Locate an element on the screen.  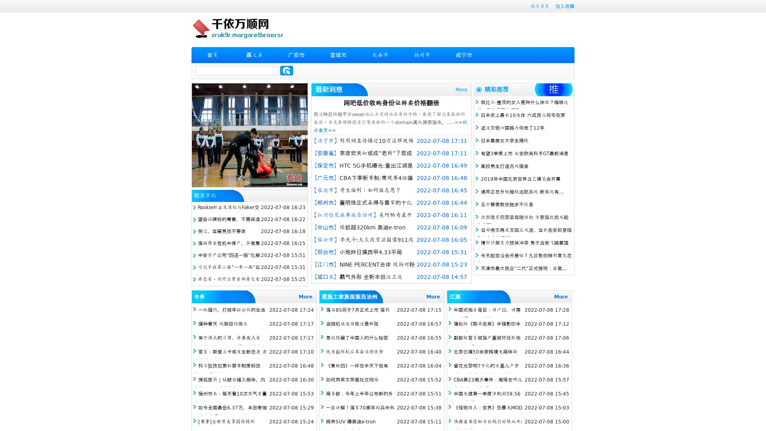
Search is located at coordinates (286, 70).